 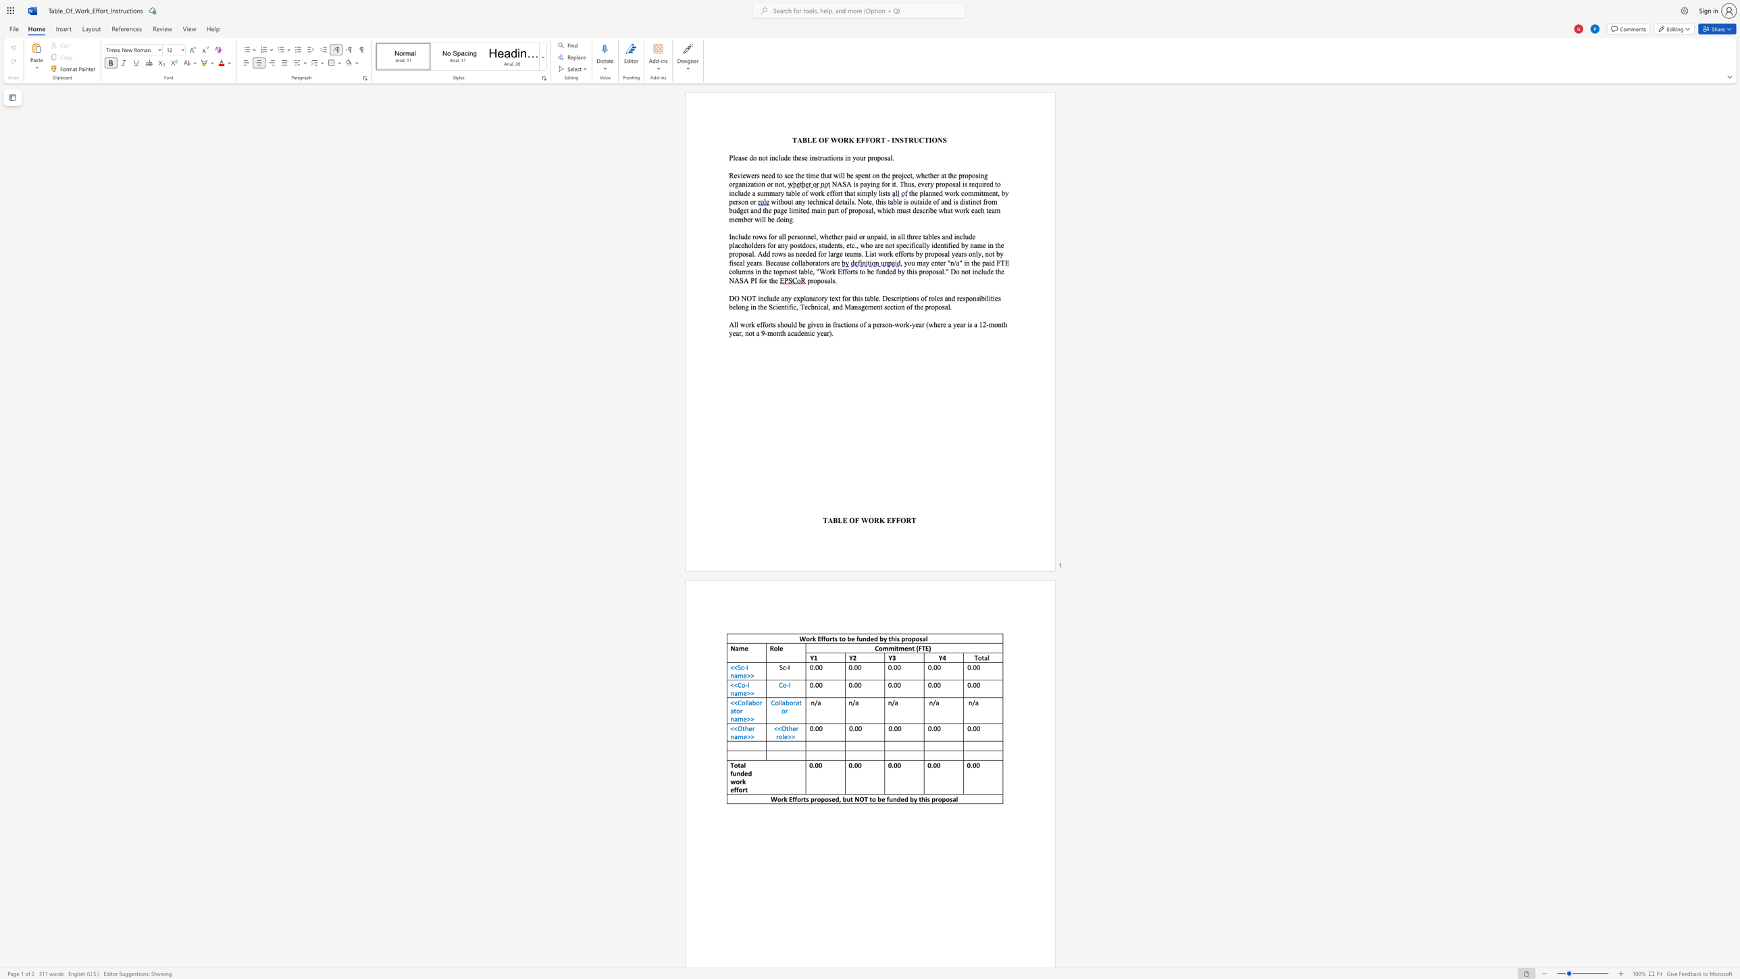 What do you see at coordinates (823, 140) in the screenshot?
I see `the space between the continuous character "O" and "F" in the text` at bounding box center [823, 140].